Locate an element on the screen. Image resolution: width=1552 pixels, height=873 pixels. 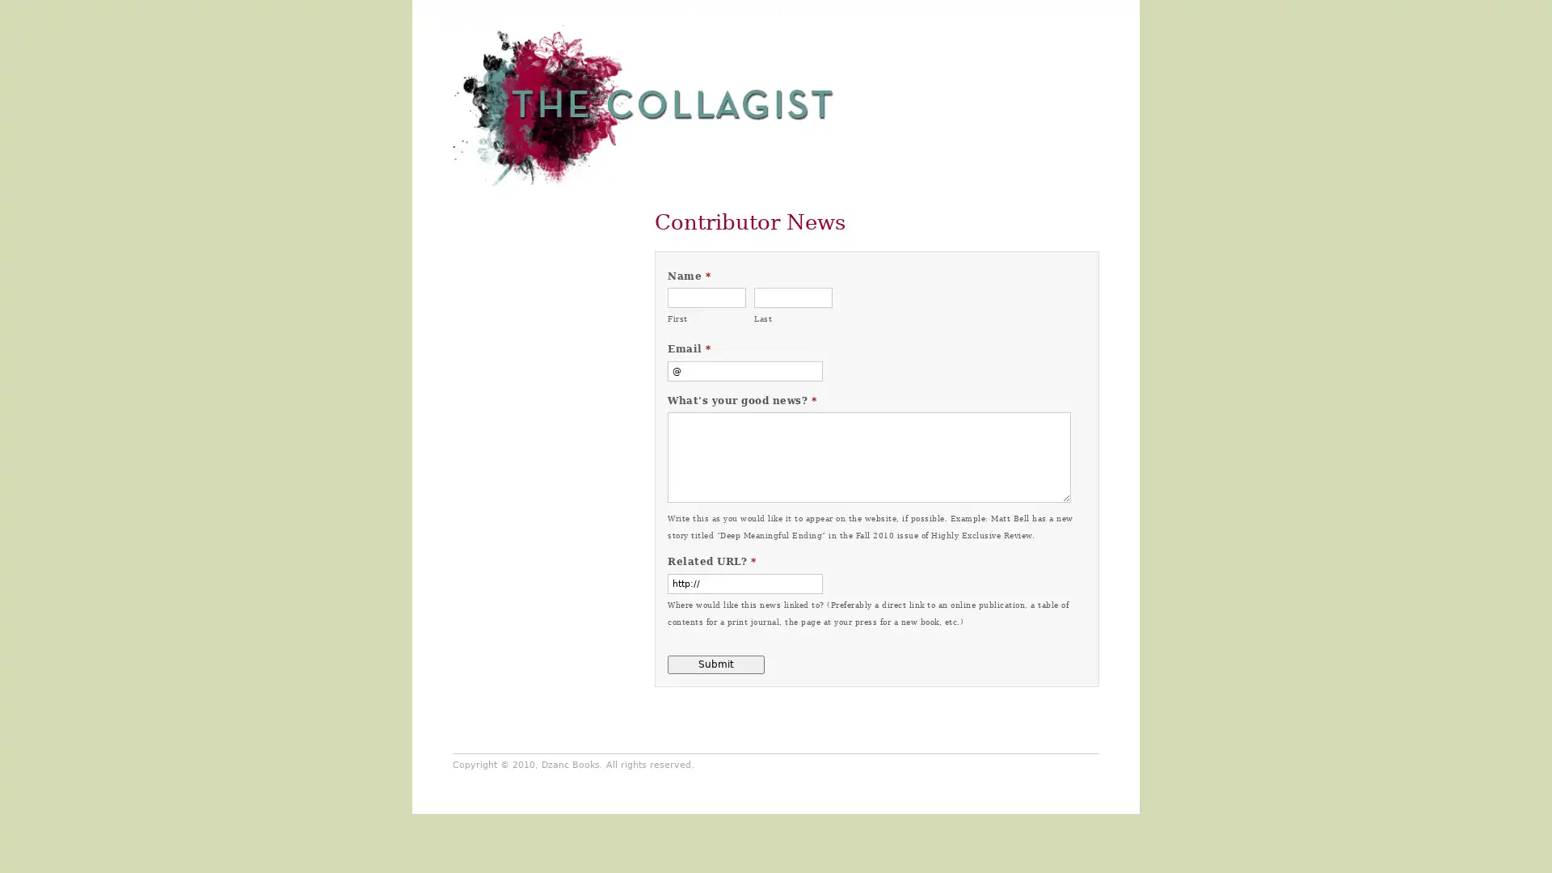
Submit is located at coordinates (715, 664).